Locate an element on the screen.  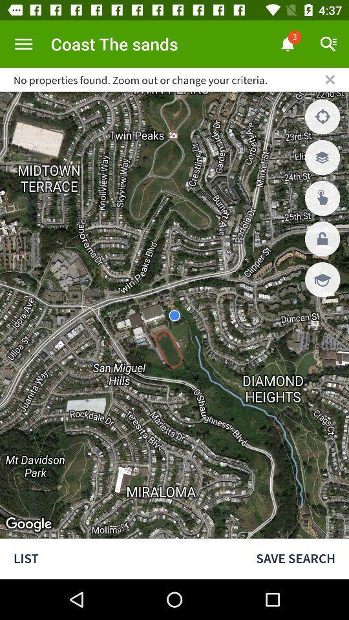
the close icon is located at coordinates (330, 79).